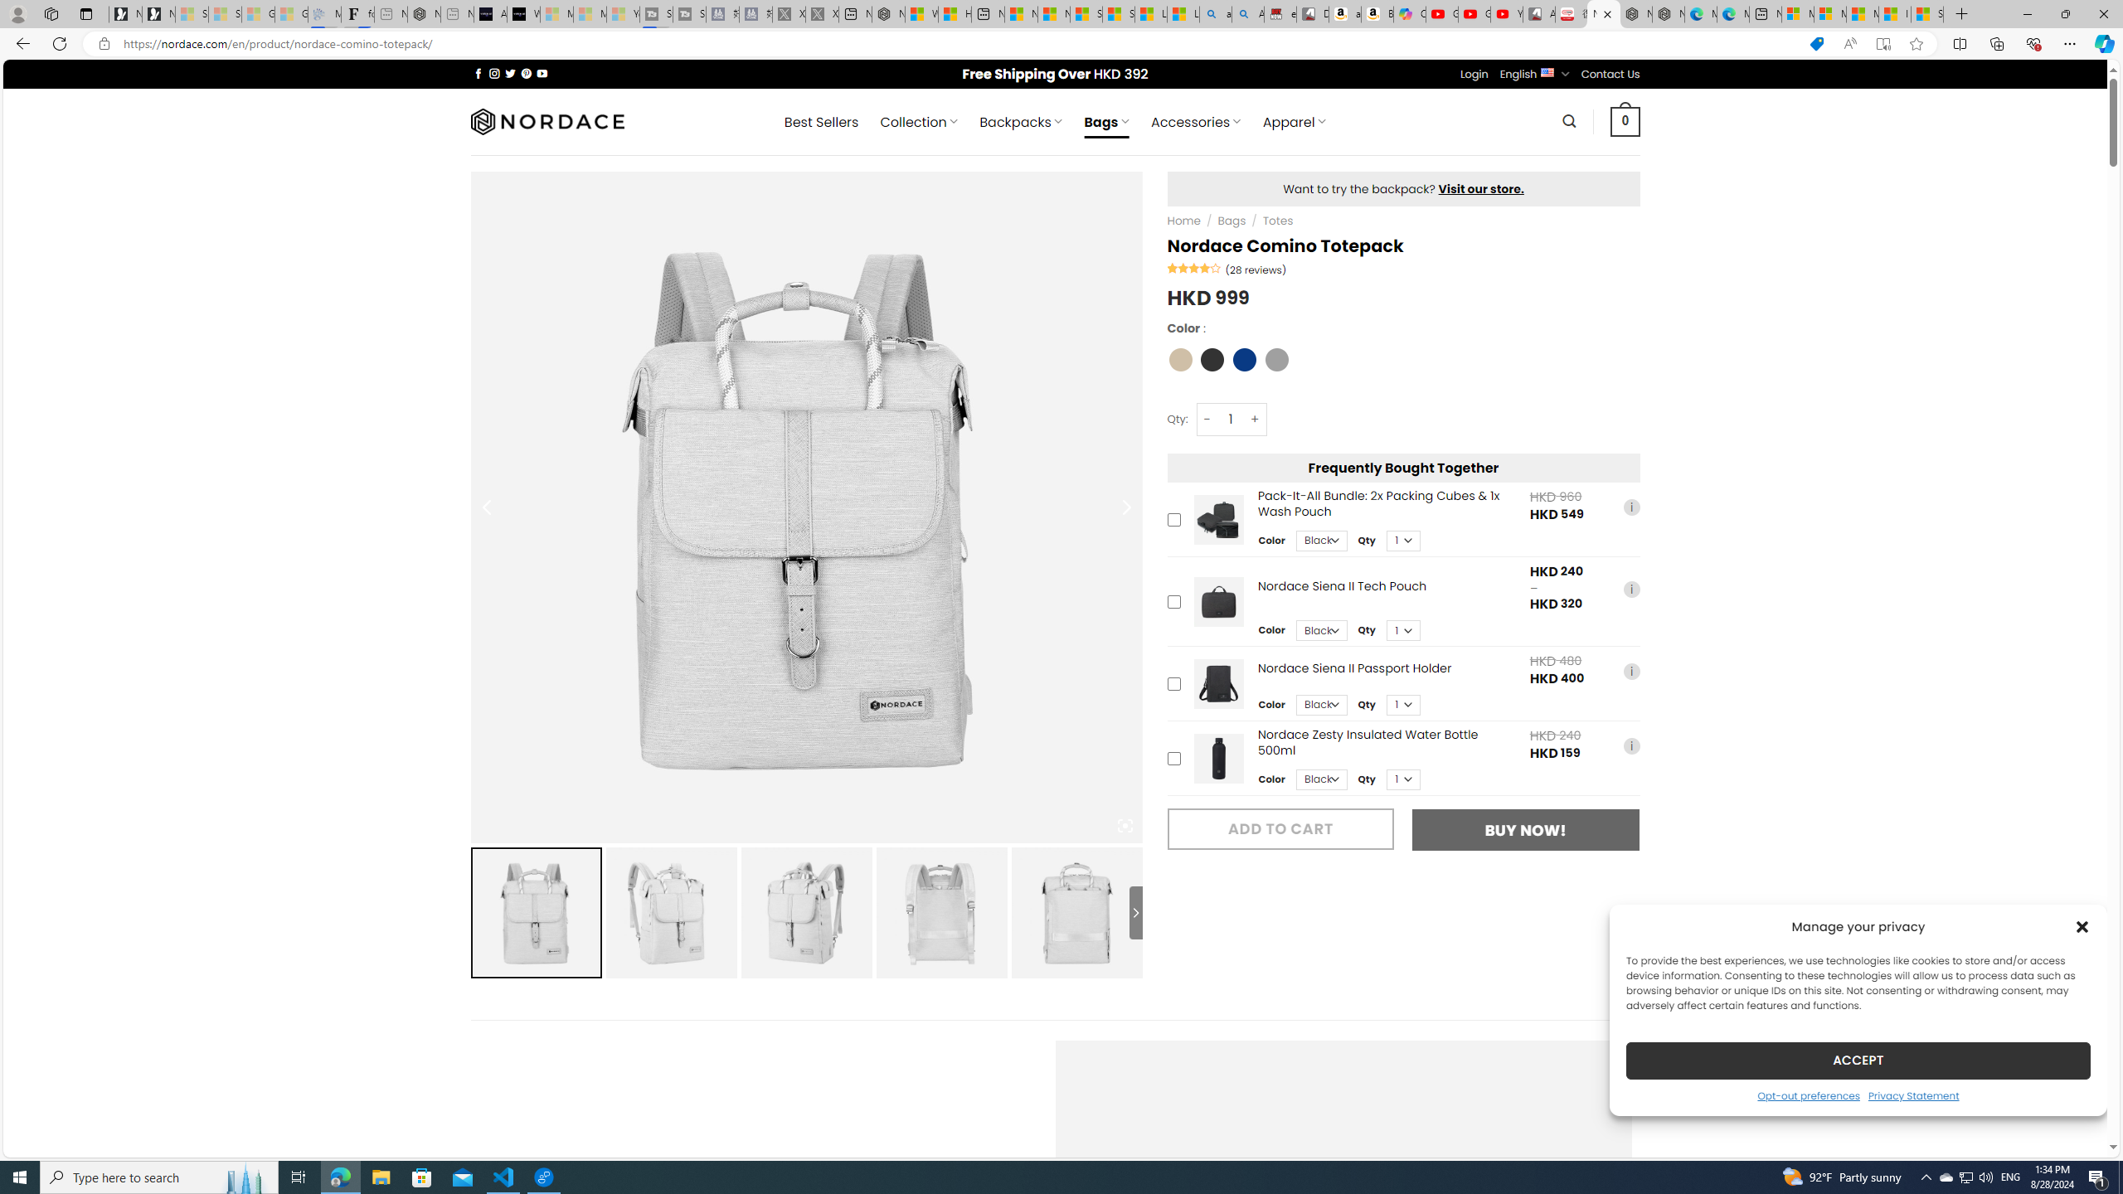 Image resolution: width=2123 pixels, height=1194 pixels. What do you see at coordinates (424, 13) in the screenshot?
I see `'Nordace - #1 Japanese Best-Seller - Siena Smart Backpack'` at bounding box center [424, 13].